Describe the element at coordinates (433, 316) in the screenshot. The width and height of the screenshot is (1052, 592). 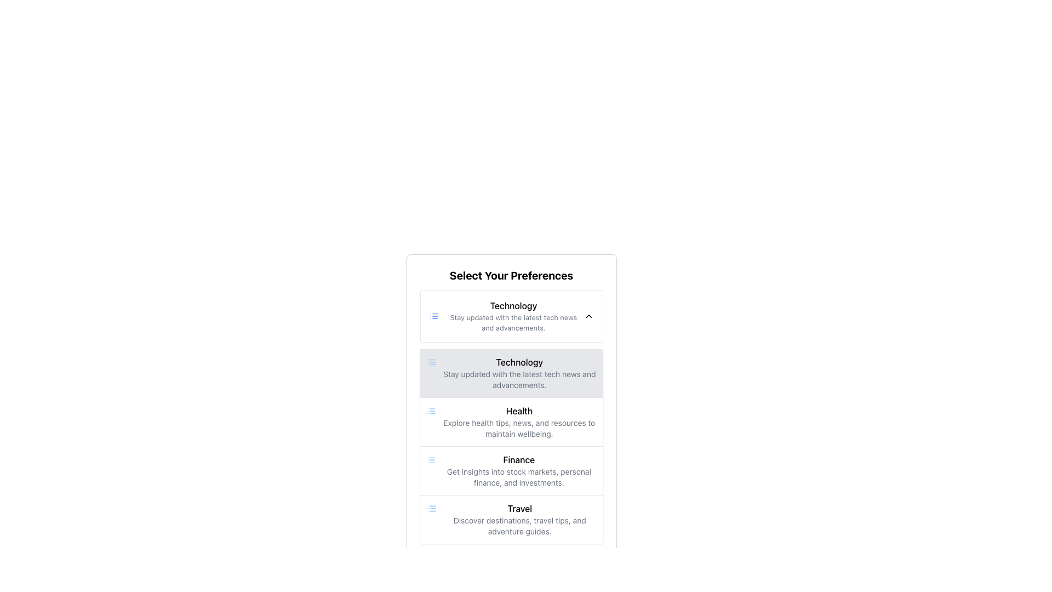
I see `the blue list icon, which consists of three horizontal lines and three vertical lines, located to the left of the 'Technology' text in the Technology preference section` at that location.